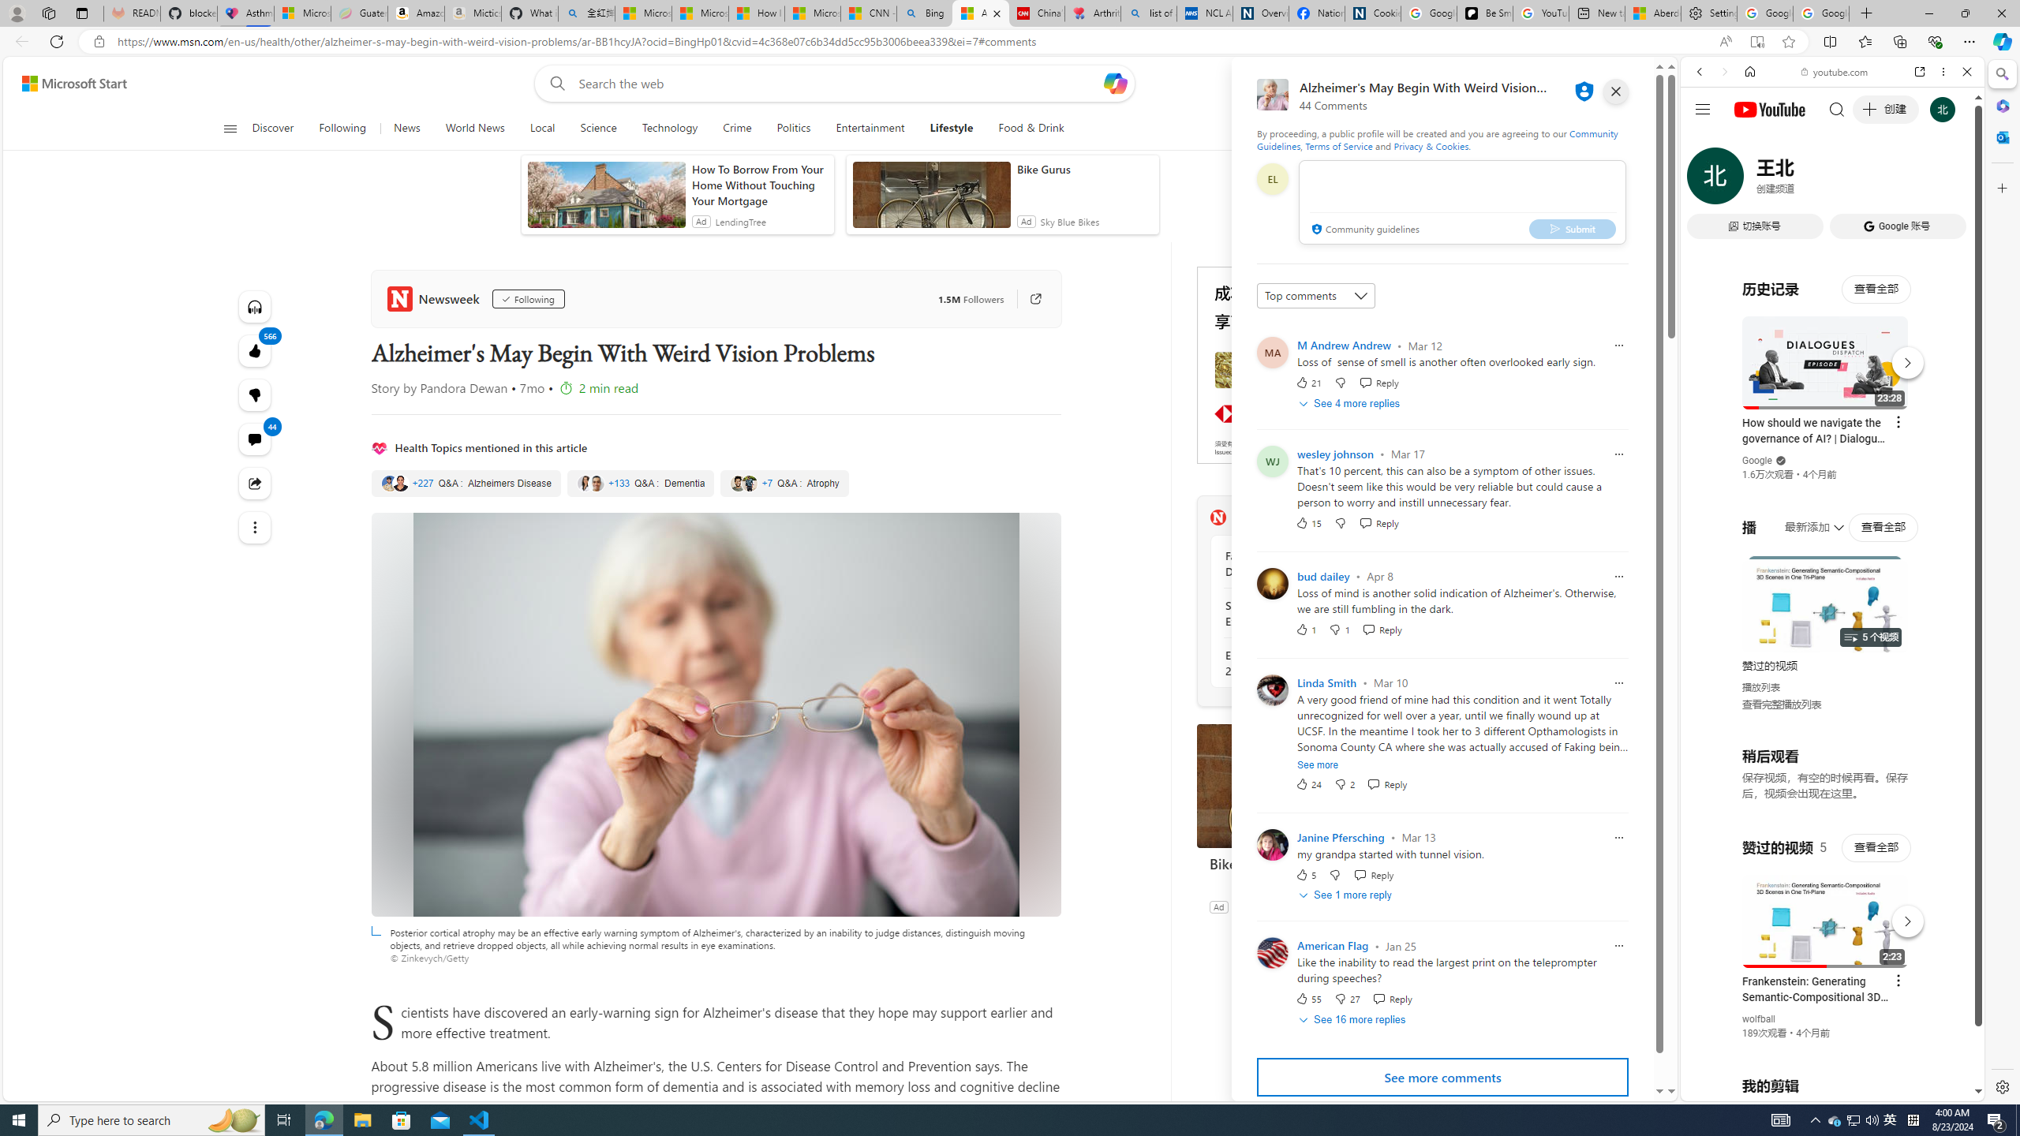 The height and width of the screenshot is (1136, 2020). Describe the element at coordinates (68, 82) in the screenshot. I see `'Skip to content'` at that location.